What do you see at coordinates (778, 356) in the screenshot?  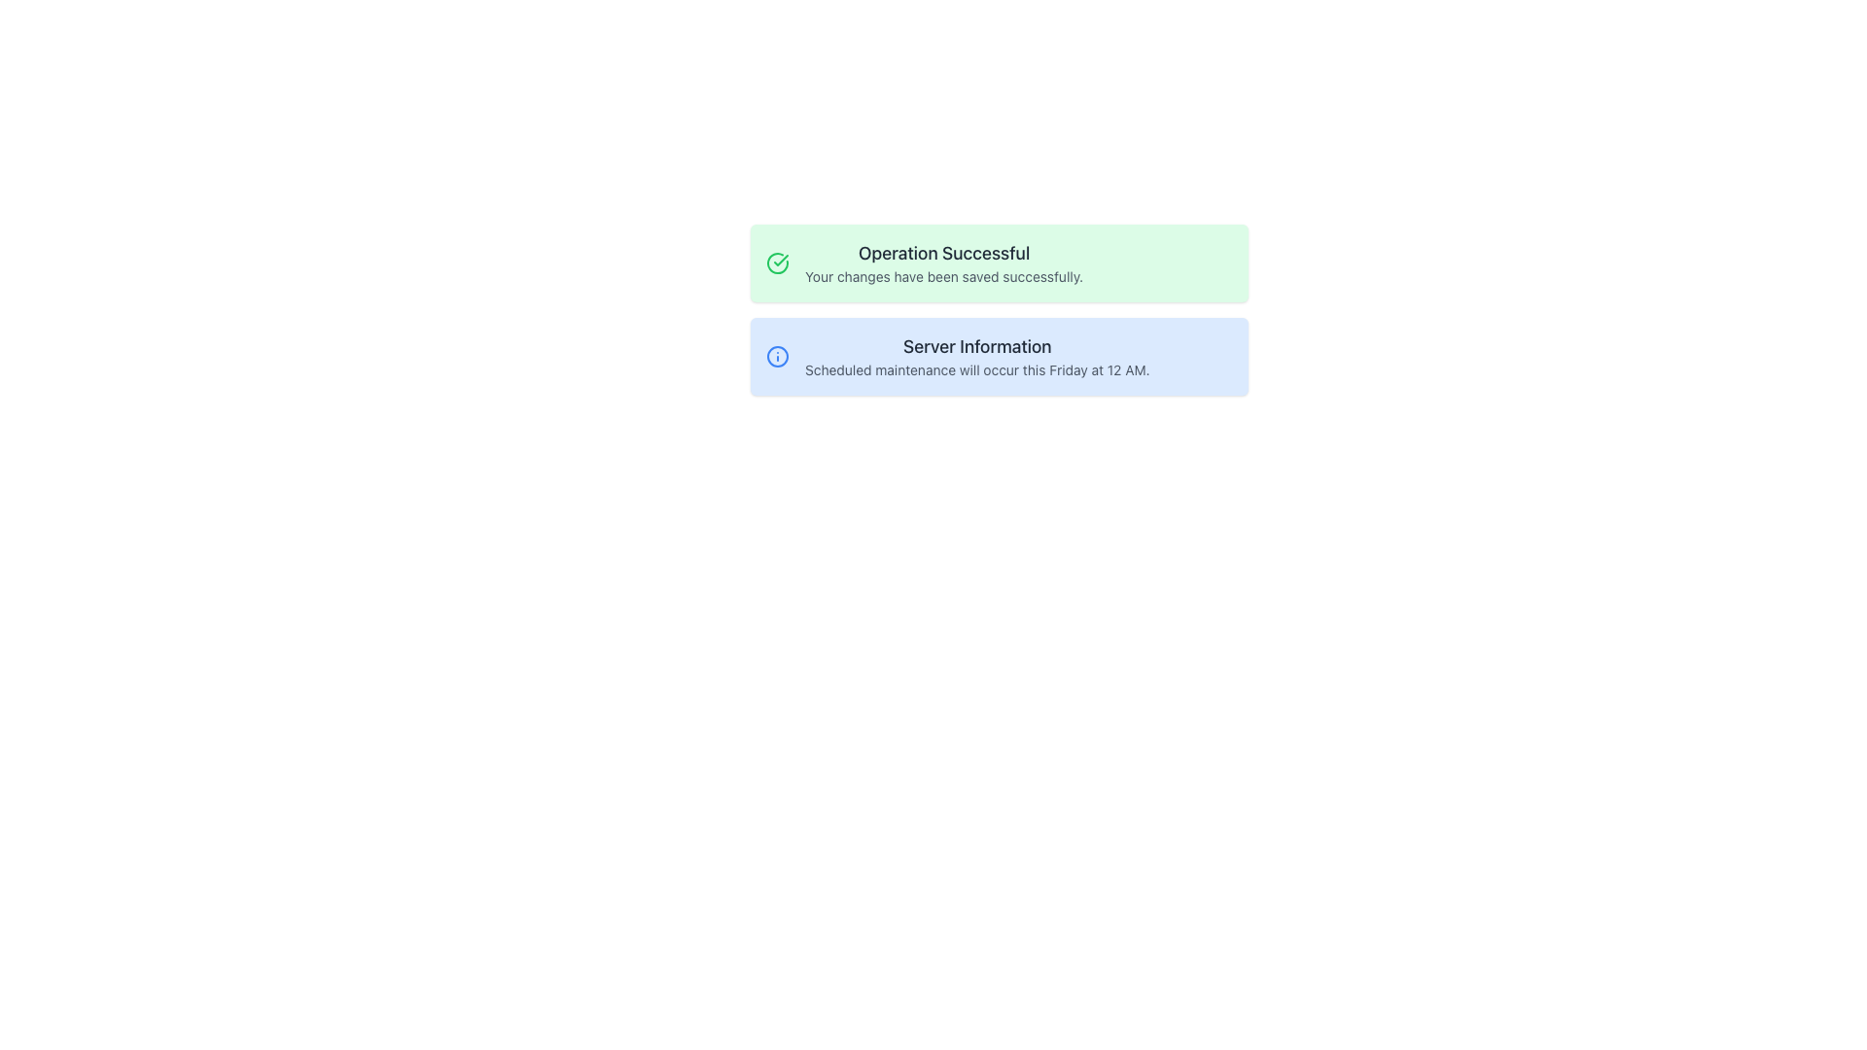 I see `the outer stroke circle of the information icon associated with the 'Server Information' text block` at bounding box center [778, 356].